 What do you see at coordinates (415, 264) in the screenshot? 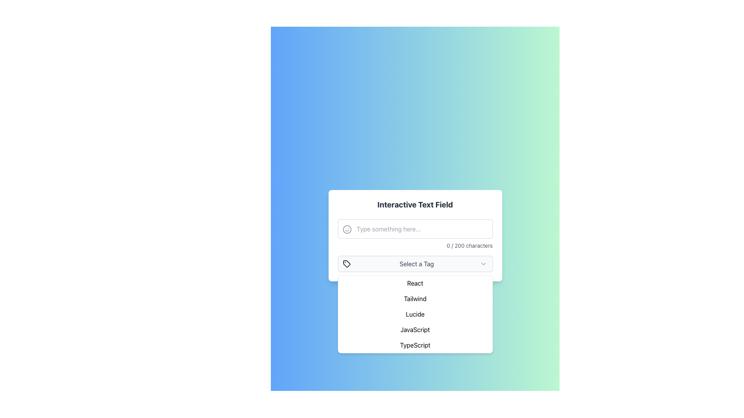
I see `the Dropdown Menu labeled 'Select a Tag'` at bounding box center [415, 264].